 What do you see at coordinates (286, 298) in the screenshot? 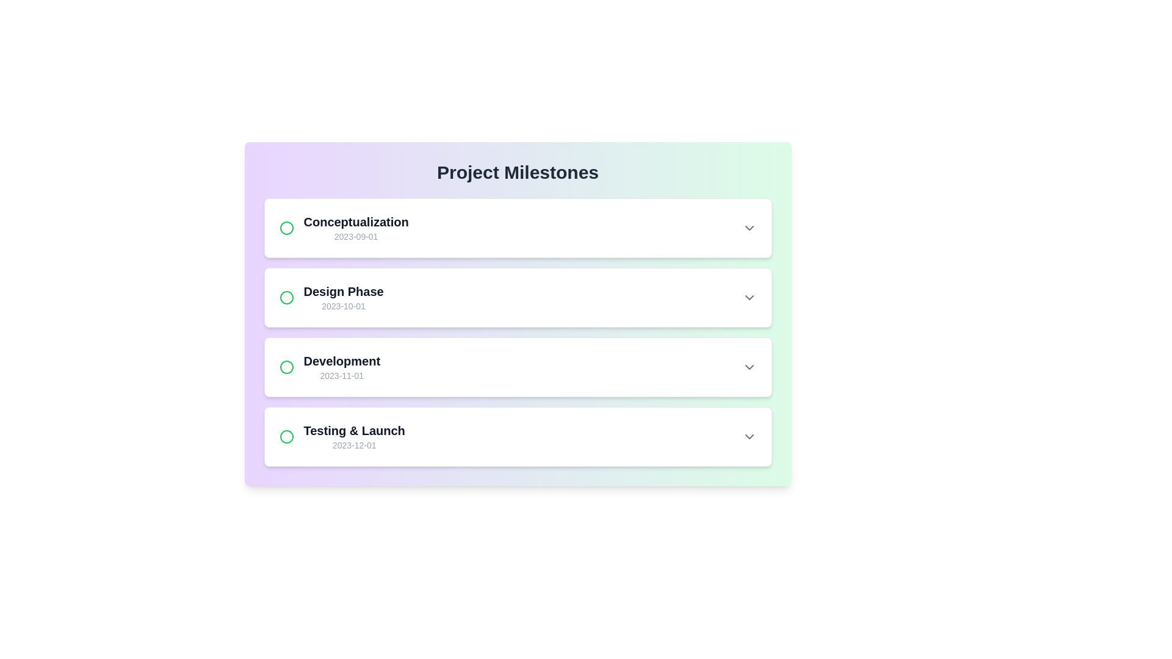
I see `the visual indicator (circle) located in the 'Design Phase' milestone section, which serves as a status indicator for the associated project milestone` at bounding box center [286, 298].